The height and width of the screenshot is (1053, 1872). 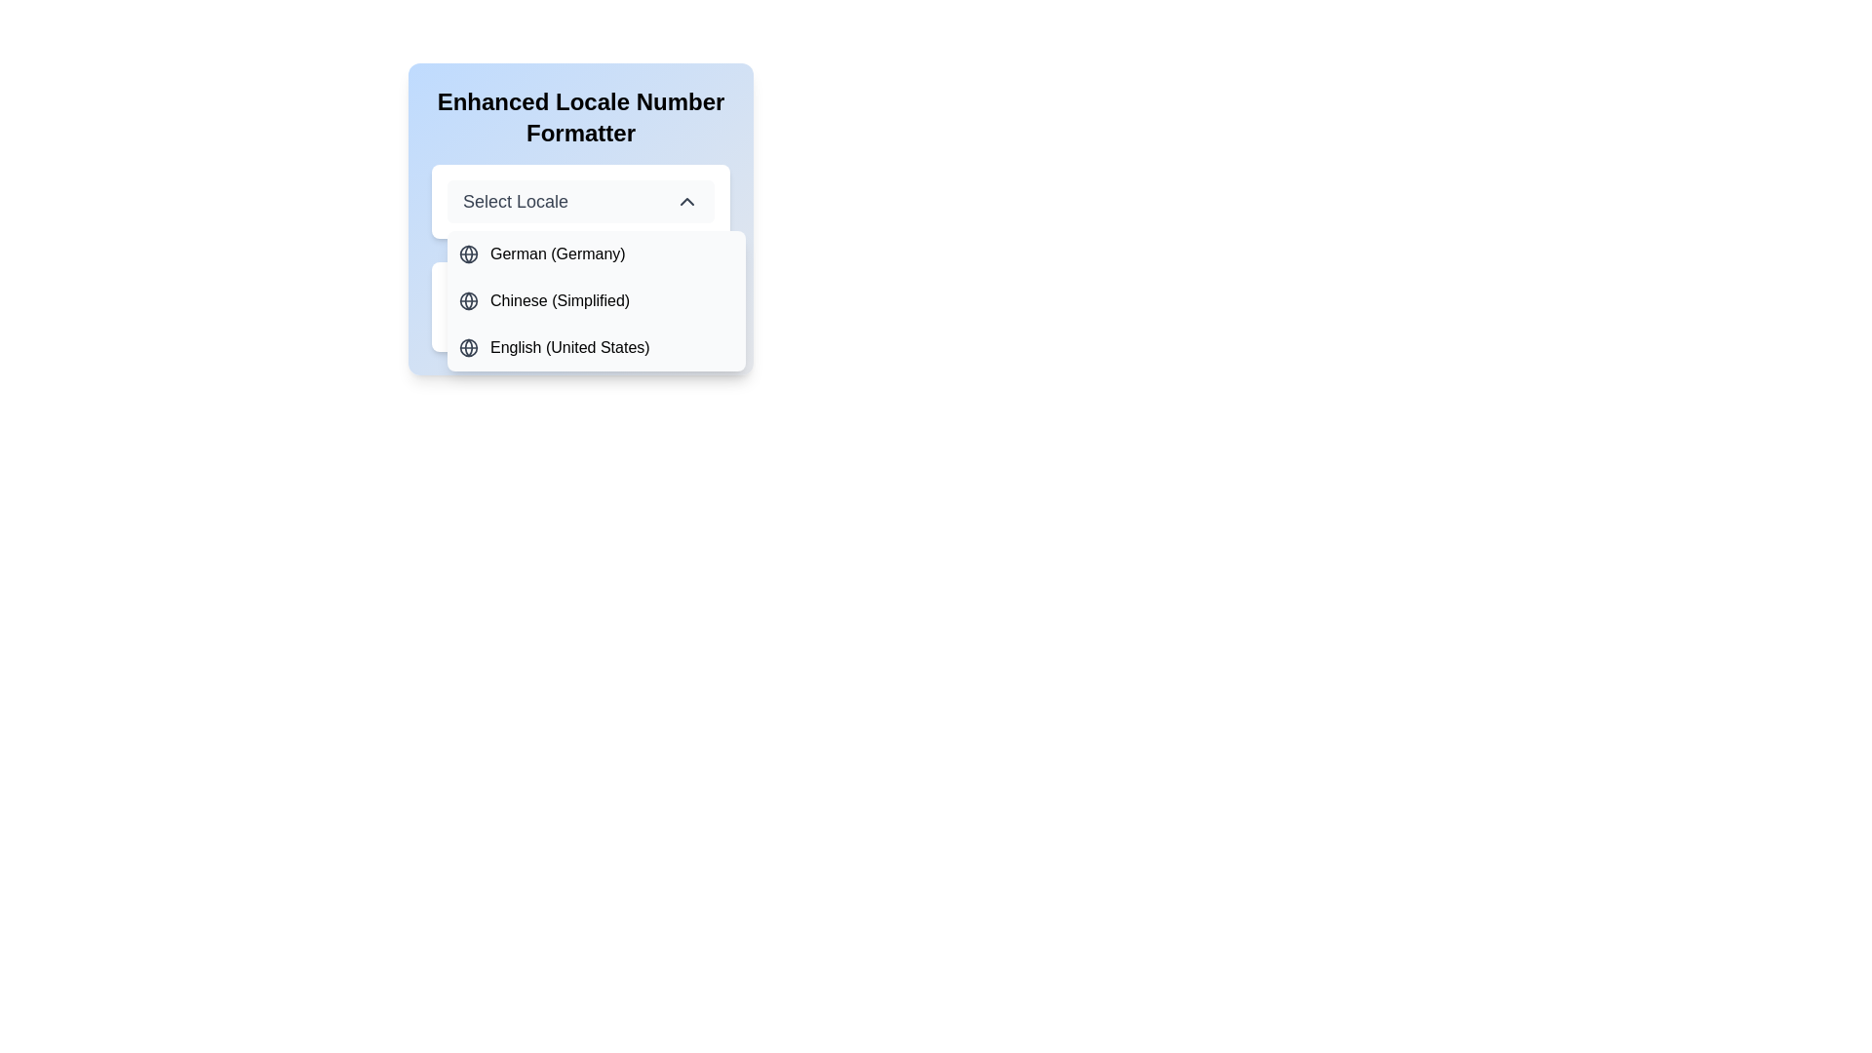 What do you see at coordinates (468, 347) in the screenshot?
I see `the SVG Circle representing the outline of a globe icon within the locale selector dropdown menu` at bounding box center [468, 347].